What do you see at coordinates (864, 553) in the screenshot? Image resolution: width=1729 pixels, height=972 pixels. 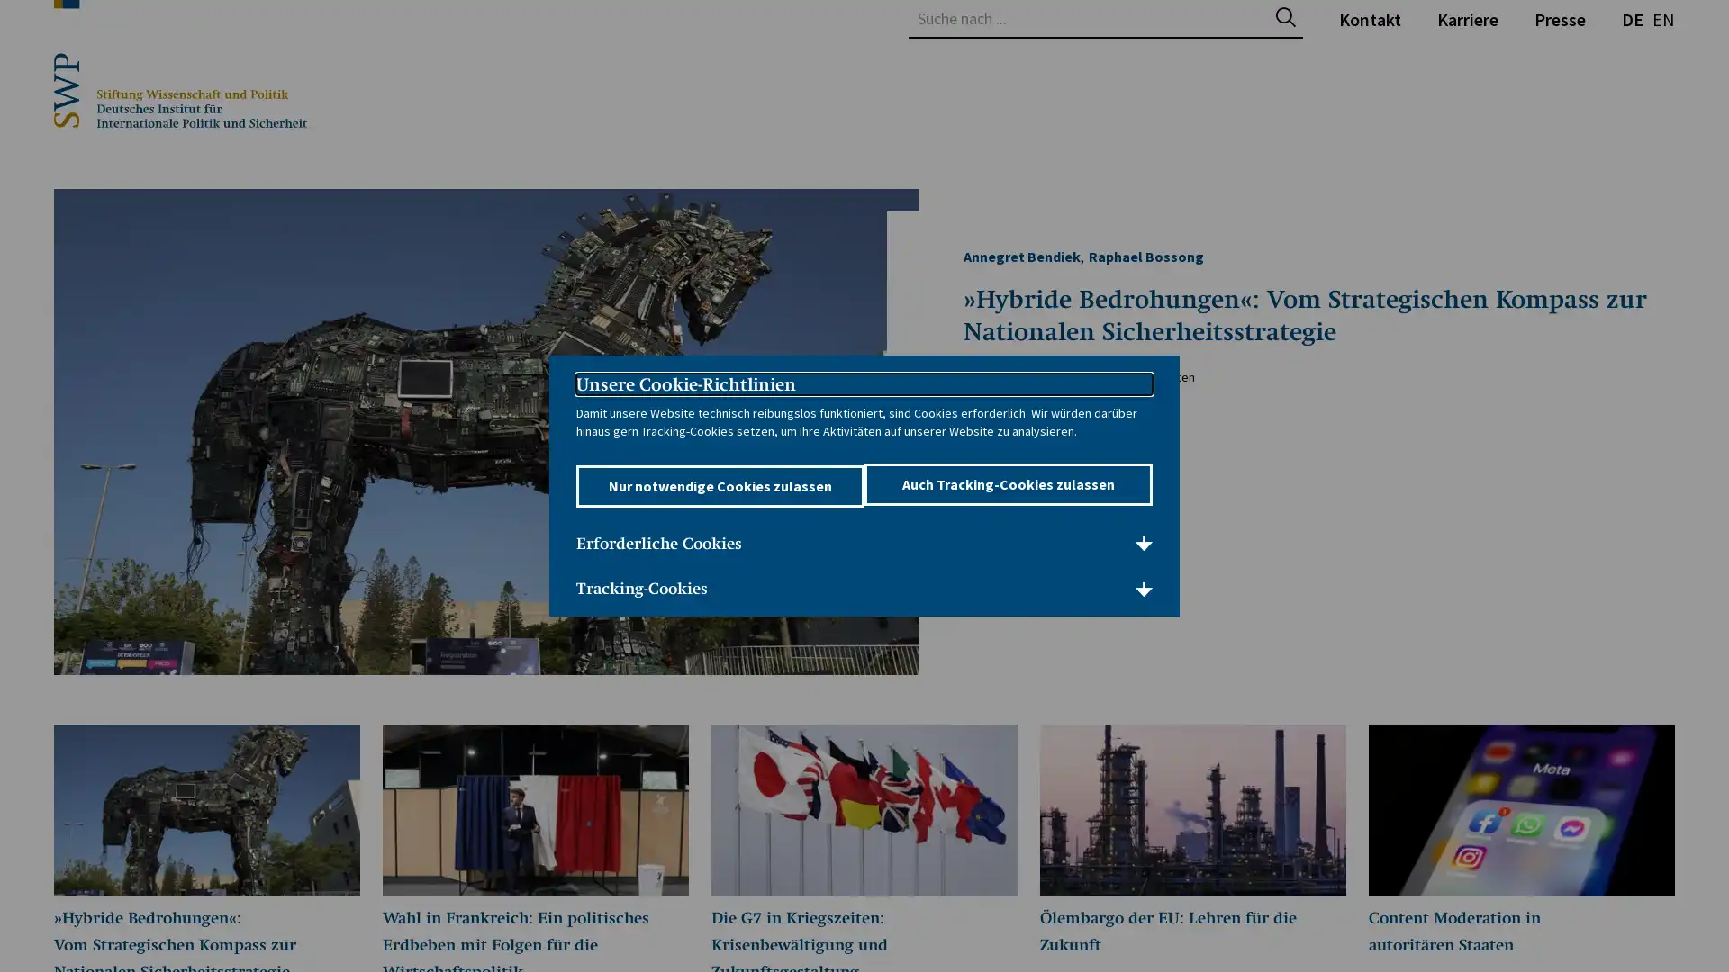 I see `Erforderliche Cookies` at bounding box center [864, 553].